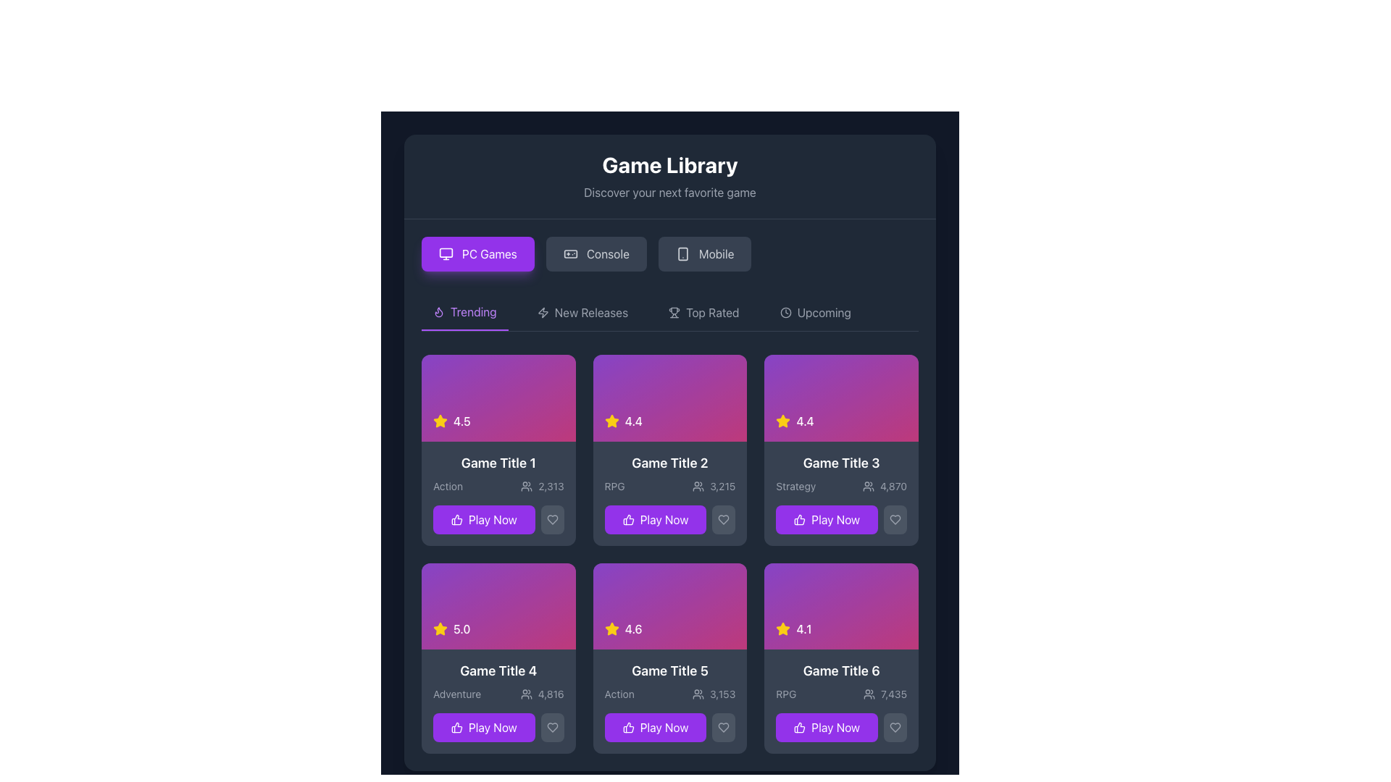 This screenshot has height=782, width=1391. What do you see at coordinates (654, 728) in the screenshot?
I see `the 'Play Now' button located in the bottom-right corner of the 'Game Title 5' card to initiate gameplay` at bounding box center [654, 728].